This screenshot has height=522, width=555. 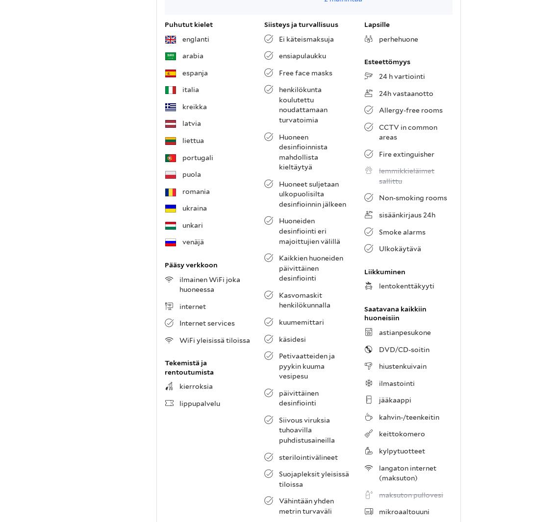 I want to click on 'hiustenkuivain', so click(x=403, y=366).